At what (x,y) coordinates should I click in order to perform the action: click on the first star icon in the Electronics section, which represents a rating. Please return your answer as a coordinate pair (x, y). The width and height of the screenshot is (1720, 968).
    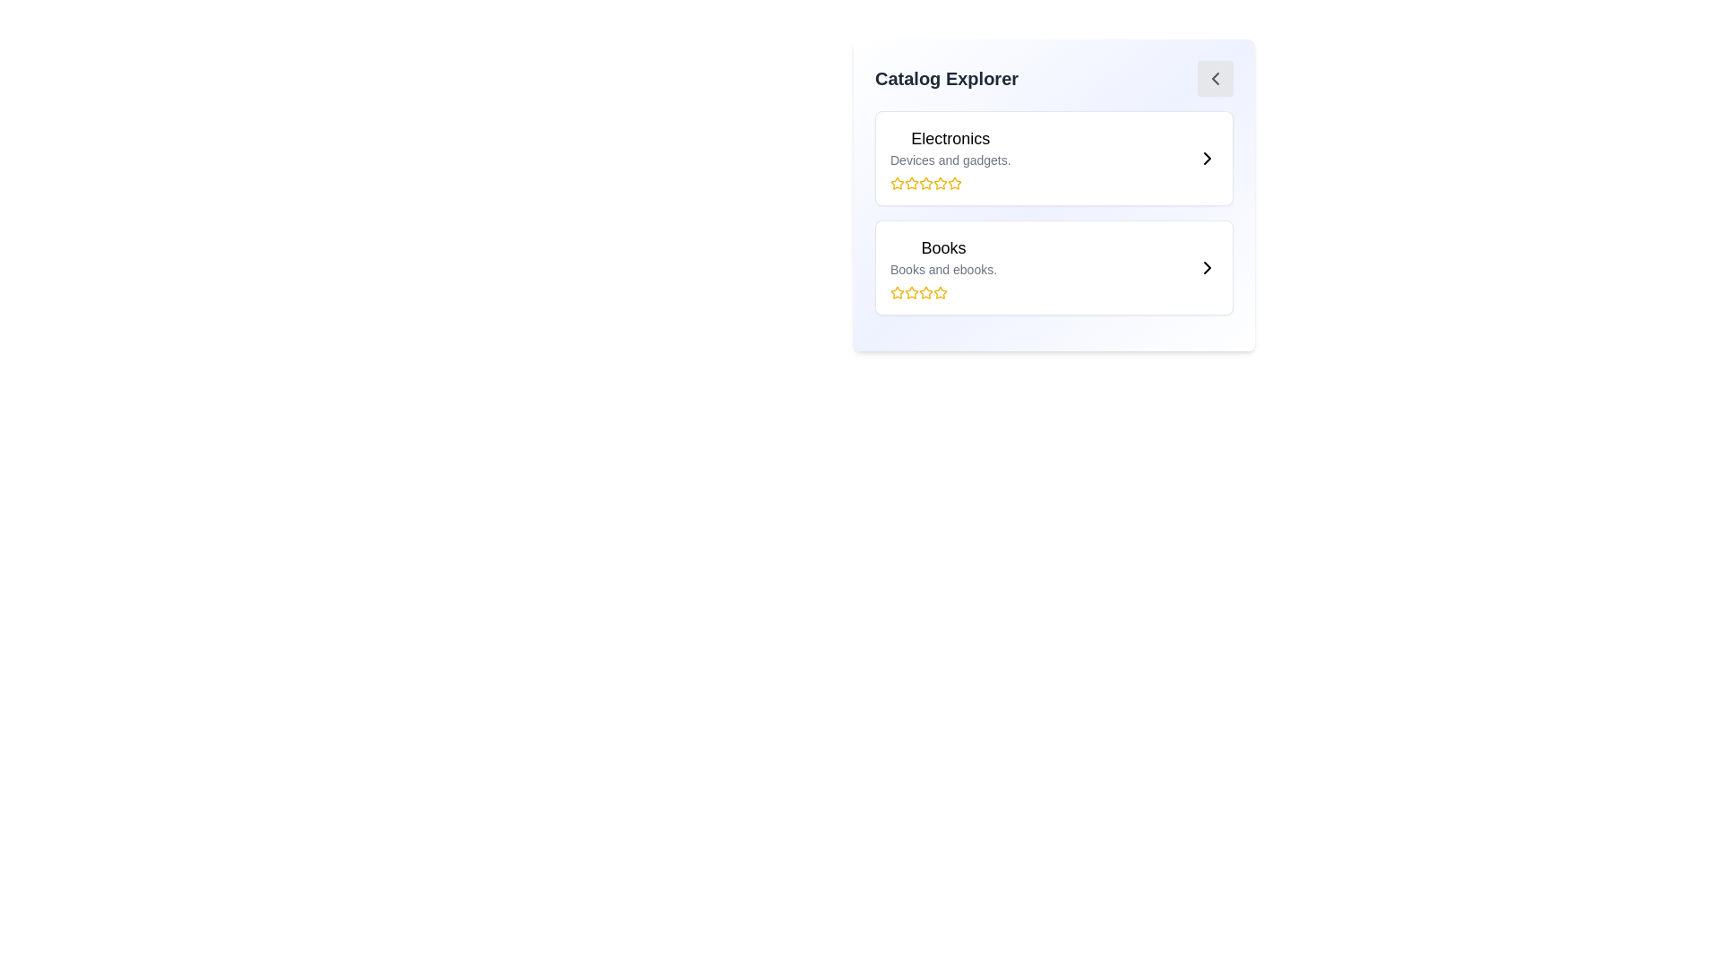
    Looking at the image, I should click on (898, 183).